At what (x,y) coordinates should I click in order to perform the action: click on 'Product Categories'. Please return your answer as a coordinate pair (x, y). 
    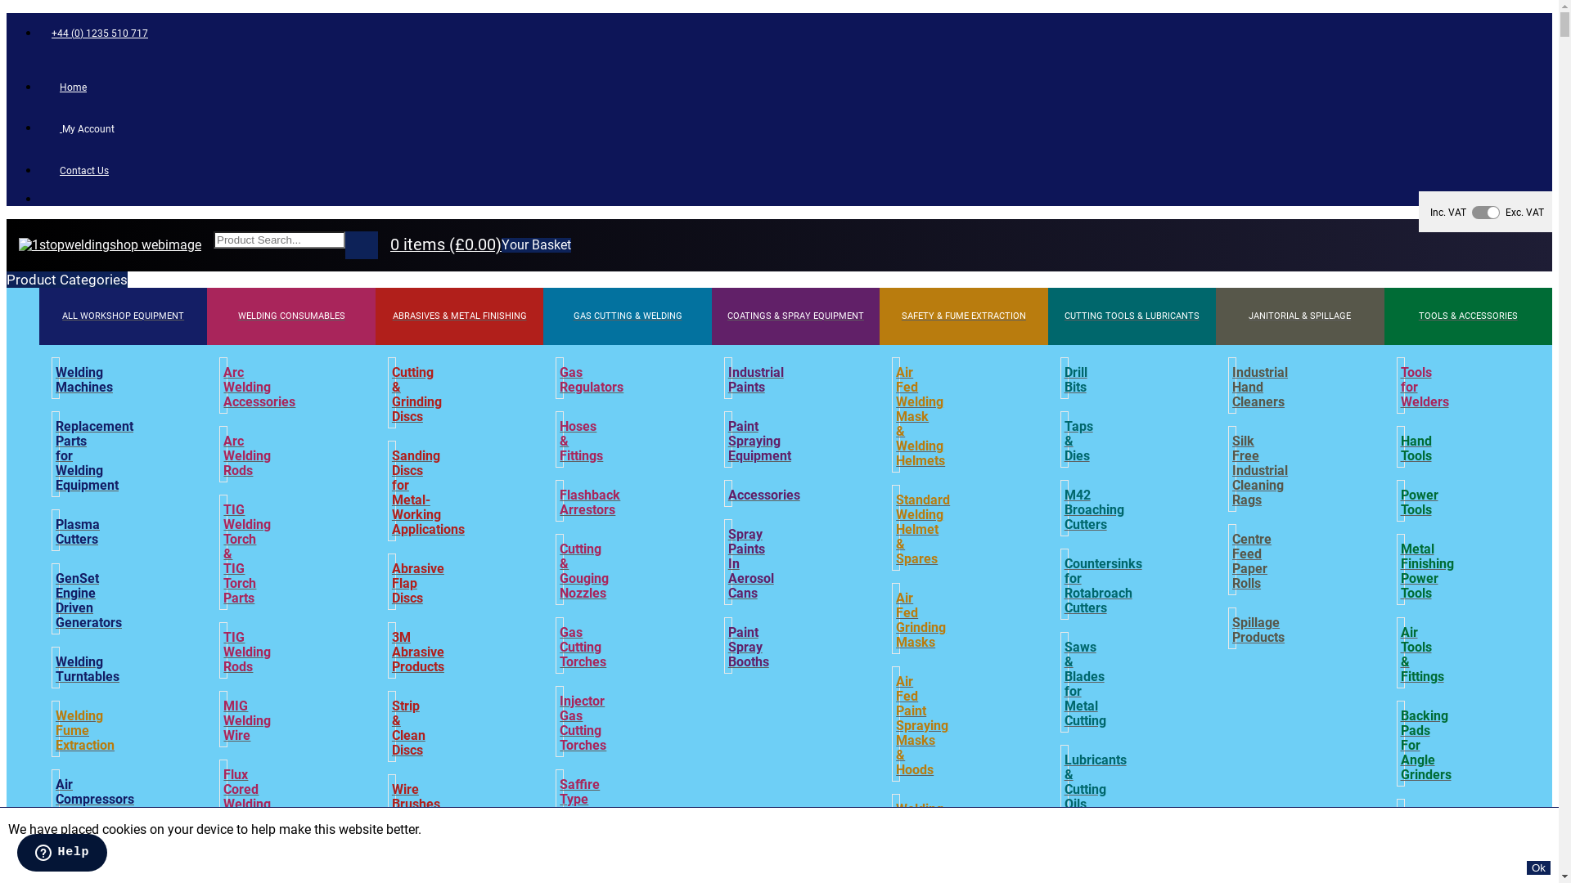
    Looking at the image, I should click on (65, 279).